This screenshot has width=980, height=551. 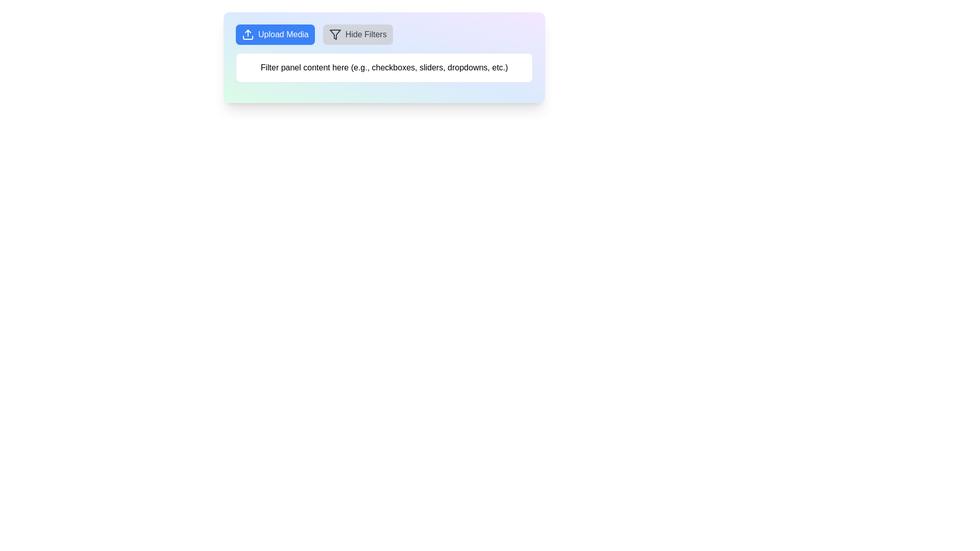 I want to click on the triangular funnel-like icon within the 'Hide Filters' button, so click(x=335, y=34).